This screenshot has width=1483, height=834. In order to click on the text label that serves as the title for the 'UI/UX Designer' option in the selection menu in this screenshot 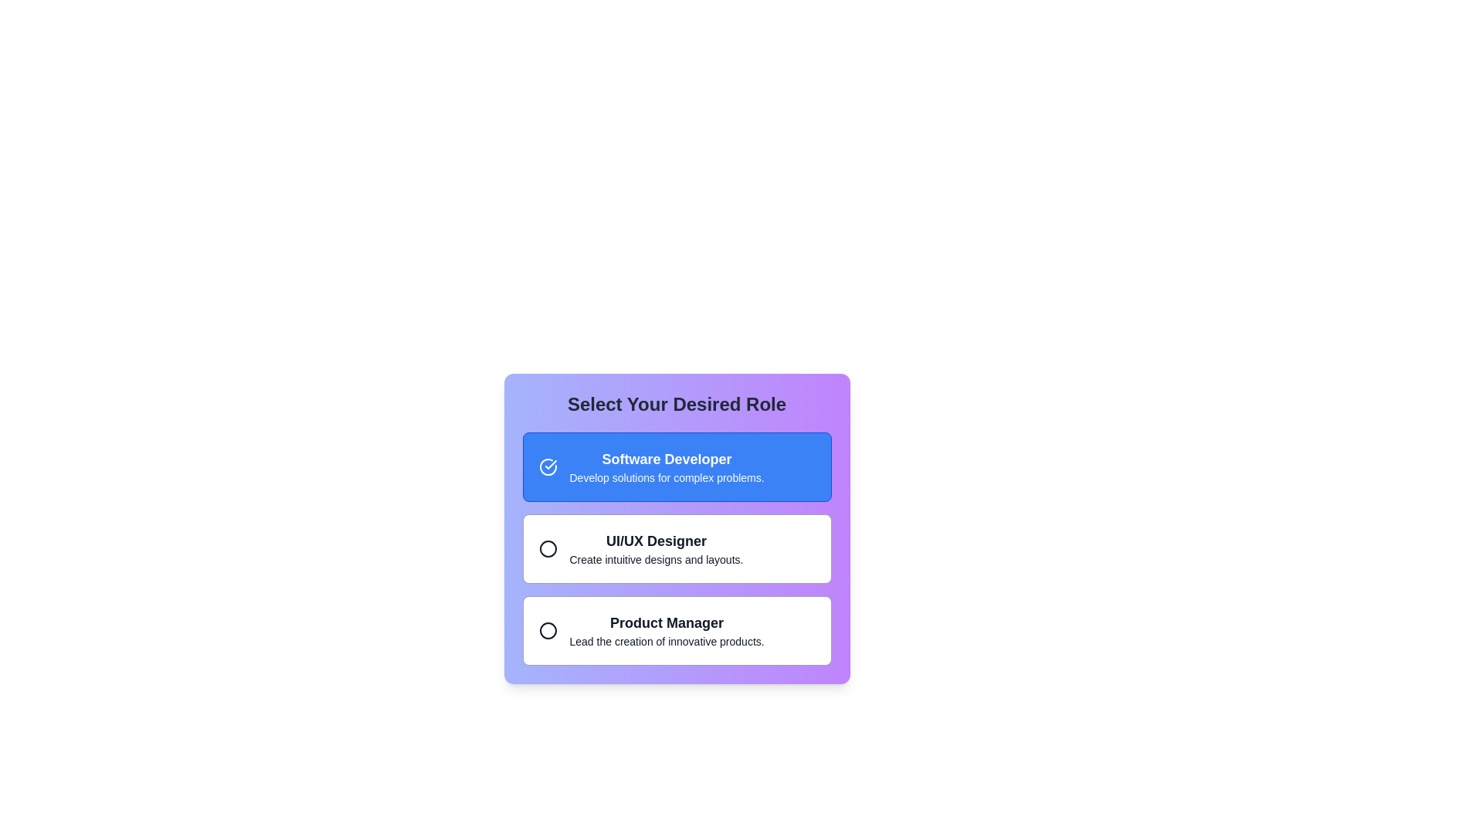, I will do `click(656, 541)`.